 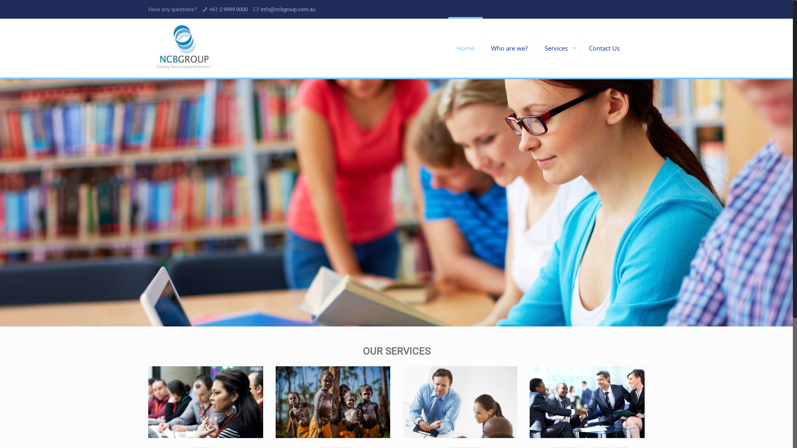 What do you see at coordinates (465, 48) in the screenshot?
I see `'Home'` at bounding box center [465, 48].